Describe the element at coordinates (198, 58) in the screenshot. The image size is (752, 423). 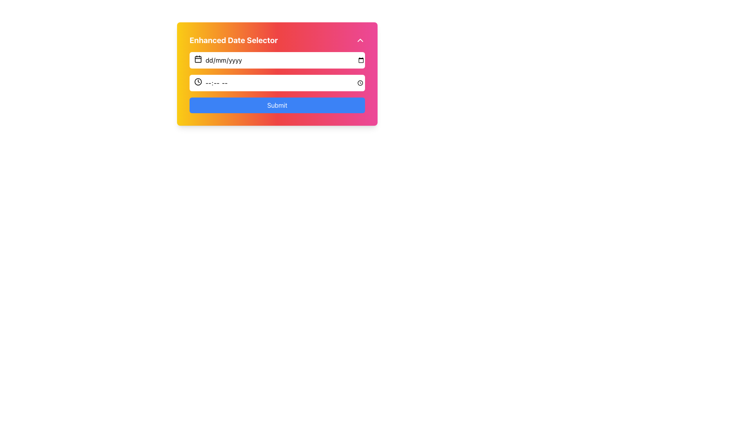
I see `the SVG calendar icon located to the left of the date input field` at that location.